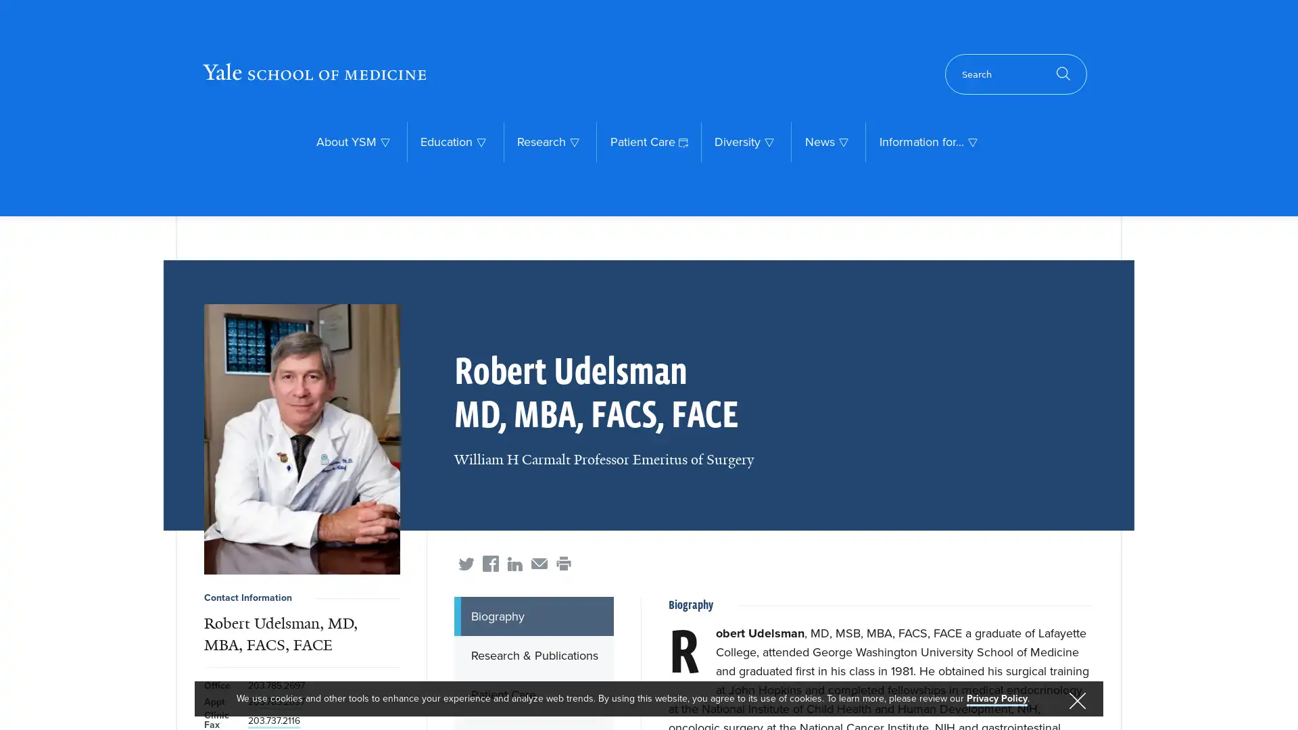 The image size is (1298, 730). I want to click on Print page, so click(564, 563).